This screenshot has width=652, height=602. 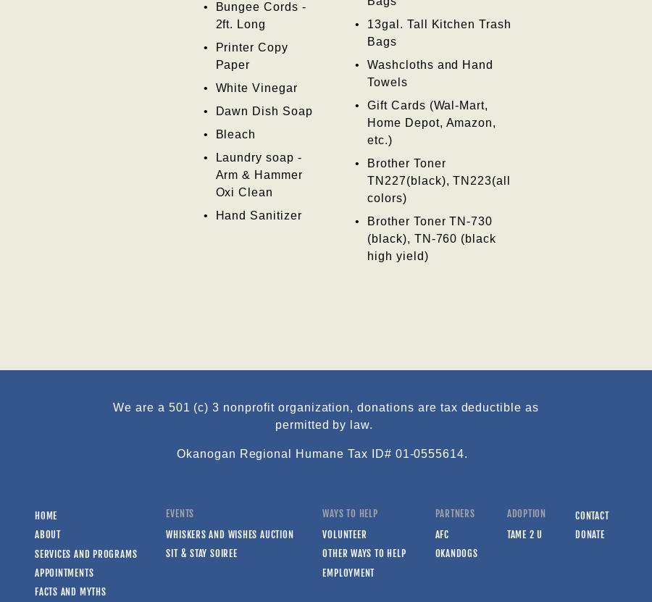 What do you see at coordinates (33, 553) in the screenshot?
I see `'Services and Programs'` at bounding box center [33, 553].